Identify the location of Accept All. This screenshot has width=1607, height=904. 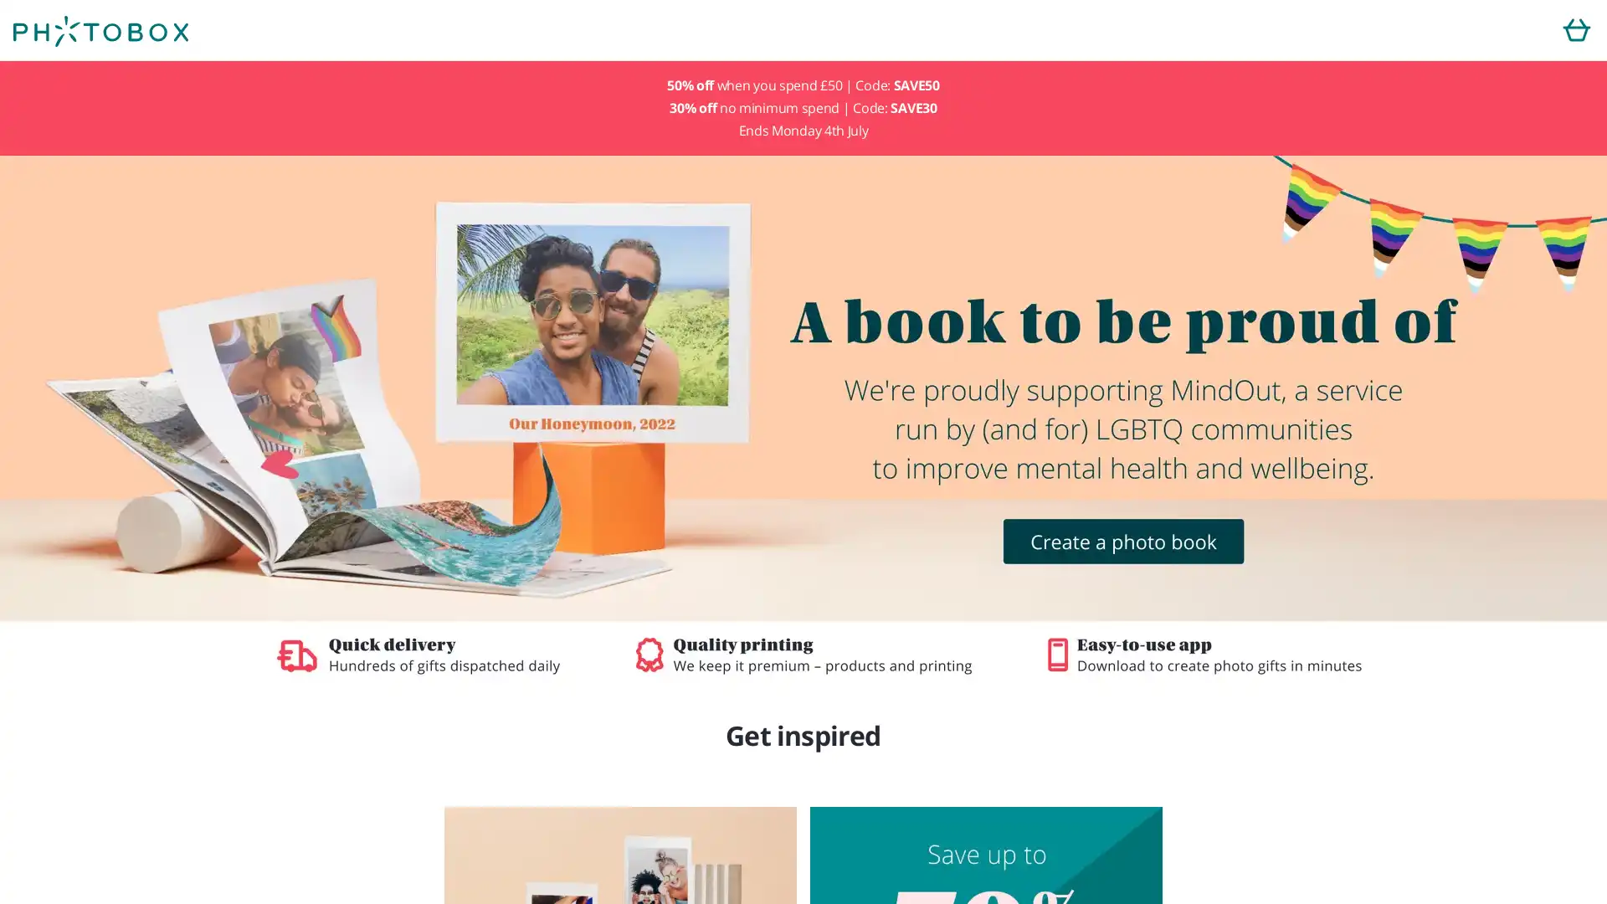
(926, 542).